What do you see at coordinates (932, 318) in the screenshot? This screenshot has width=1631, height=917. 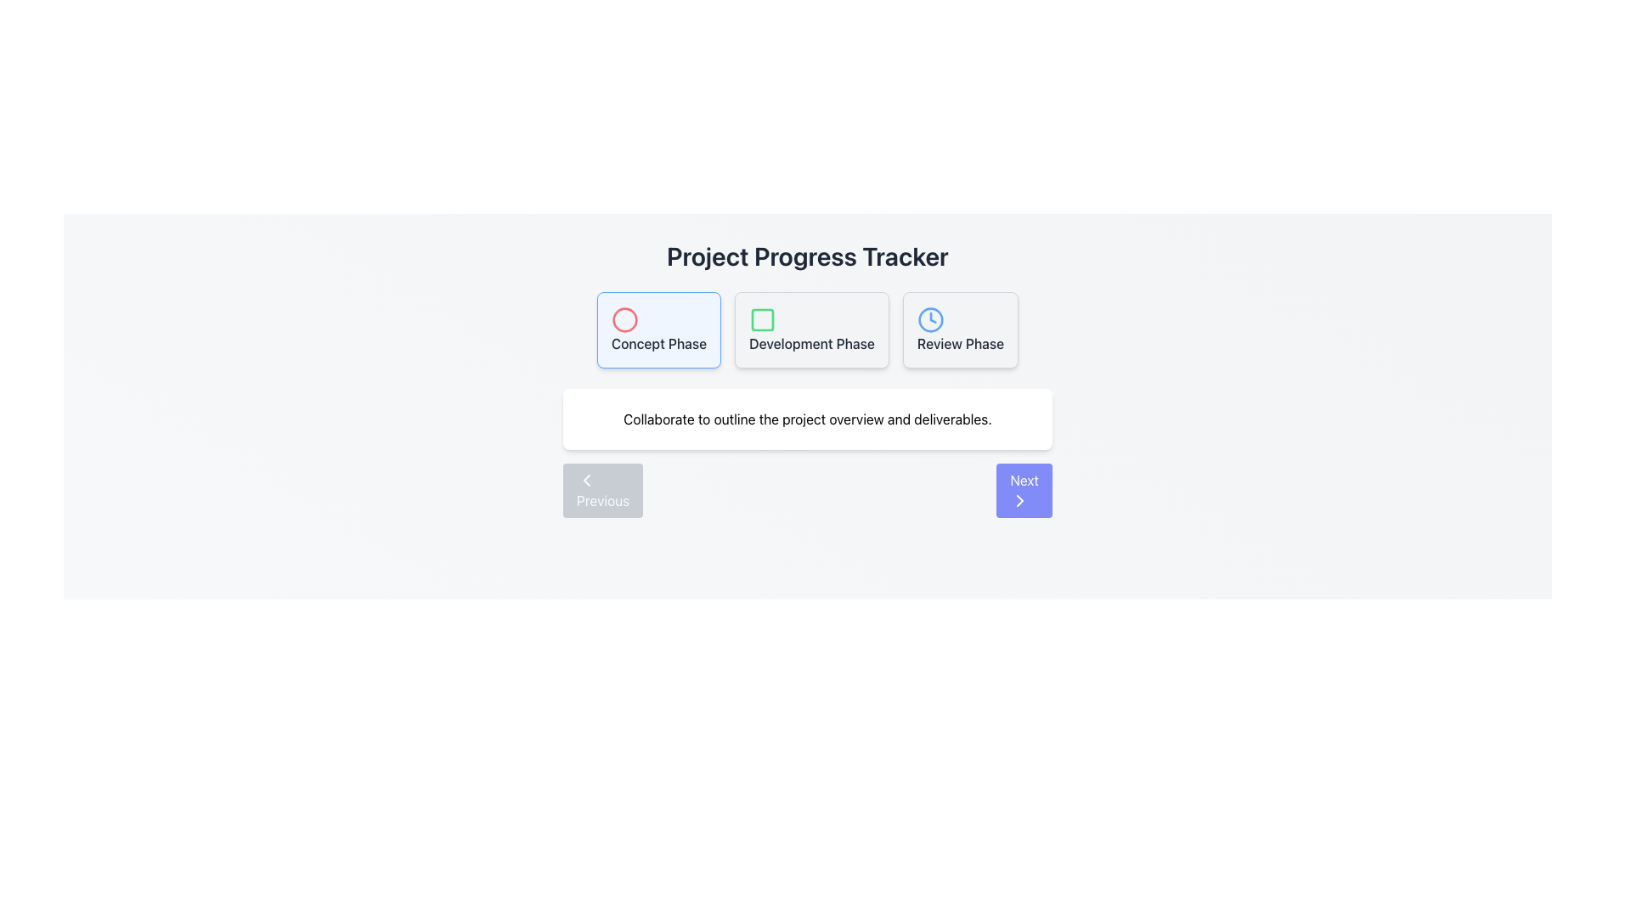 I see `the small triangular shape representing the hands of the clock within the SVG clock icon, which is light blue and part of a minimalist design, positioned near the 'Review Phase' box` at bounding box center [932, 318].